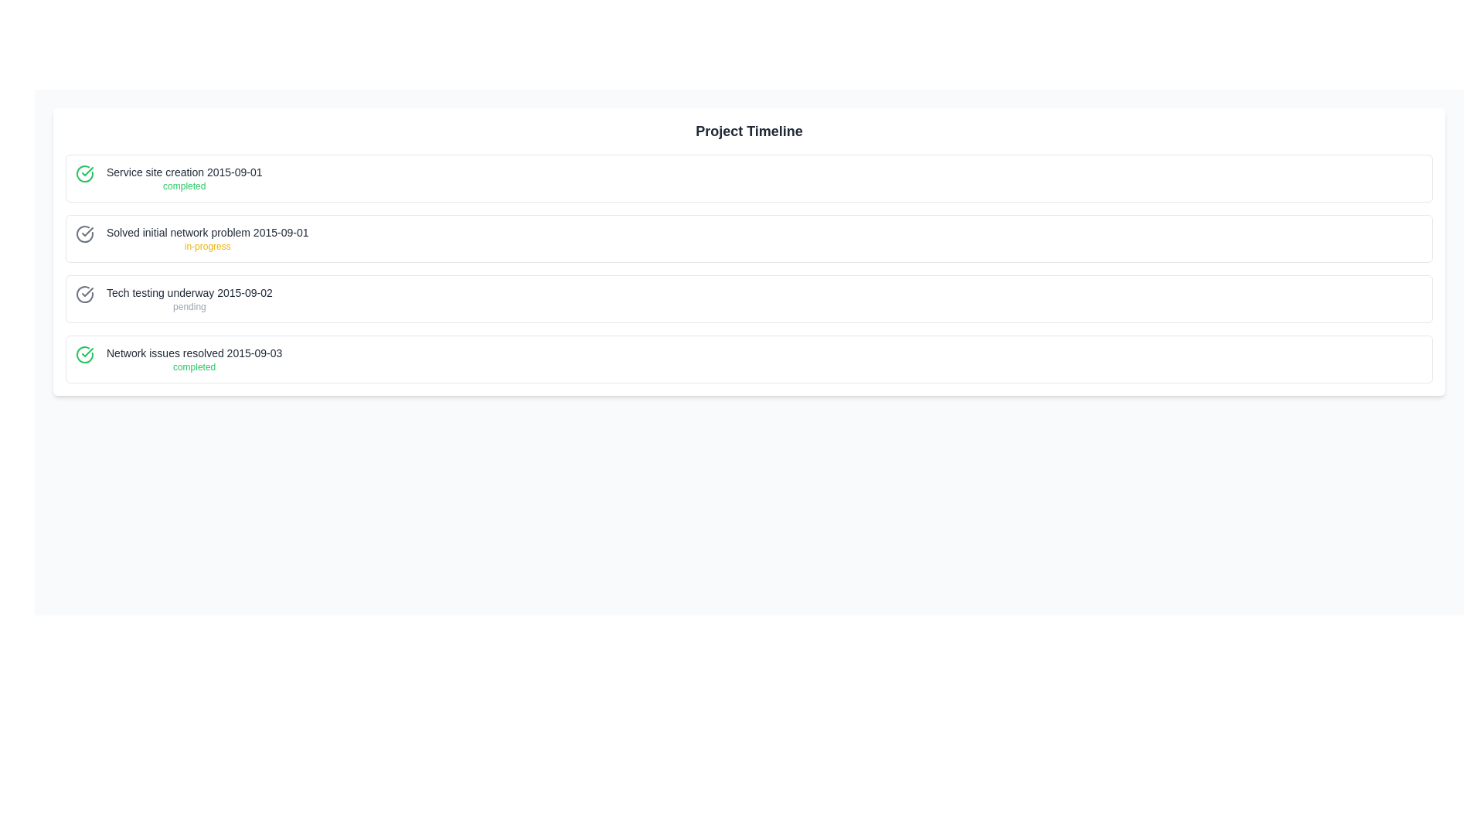  Describe the element at coordinates (184, 185) in the screenshot. I see `the text label that indicates the status 'completed', styled in small green font, positioned below the title 'Service site creation 2015-09-01'` at that location.